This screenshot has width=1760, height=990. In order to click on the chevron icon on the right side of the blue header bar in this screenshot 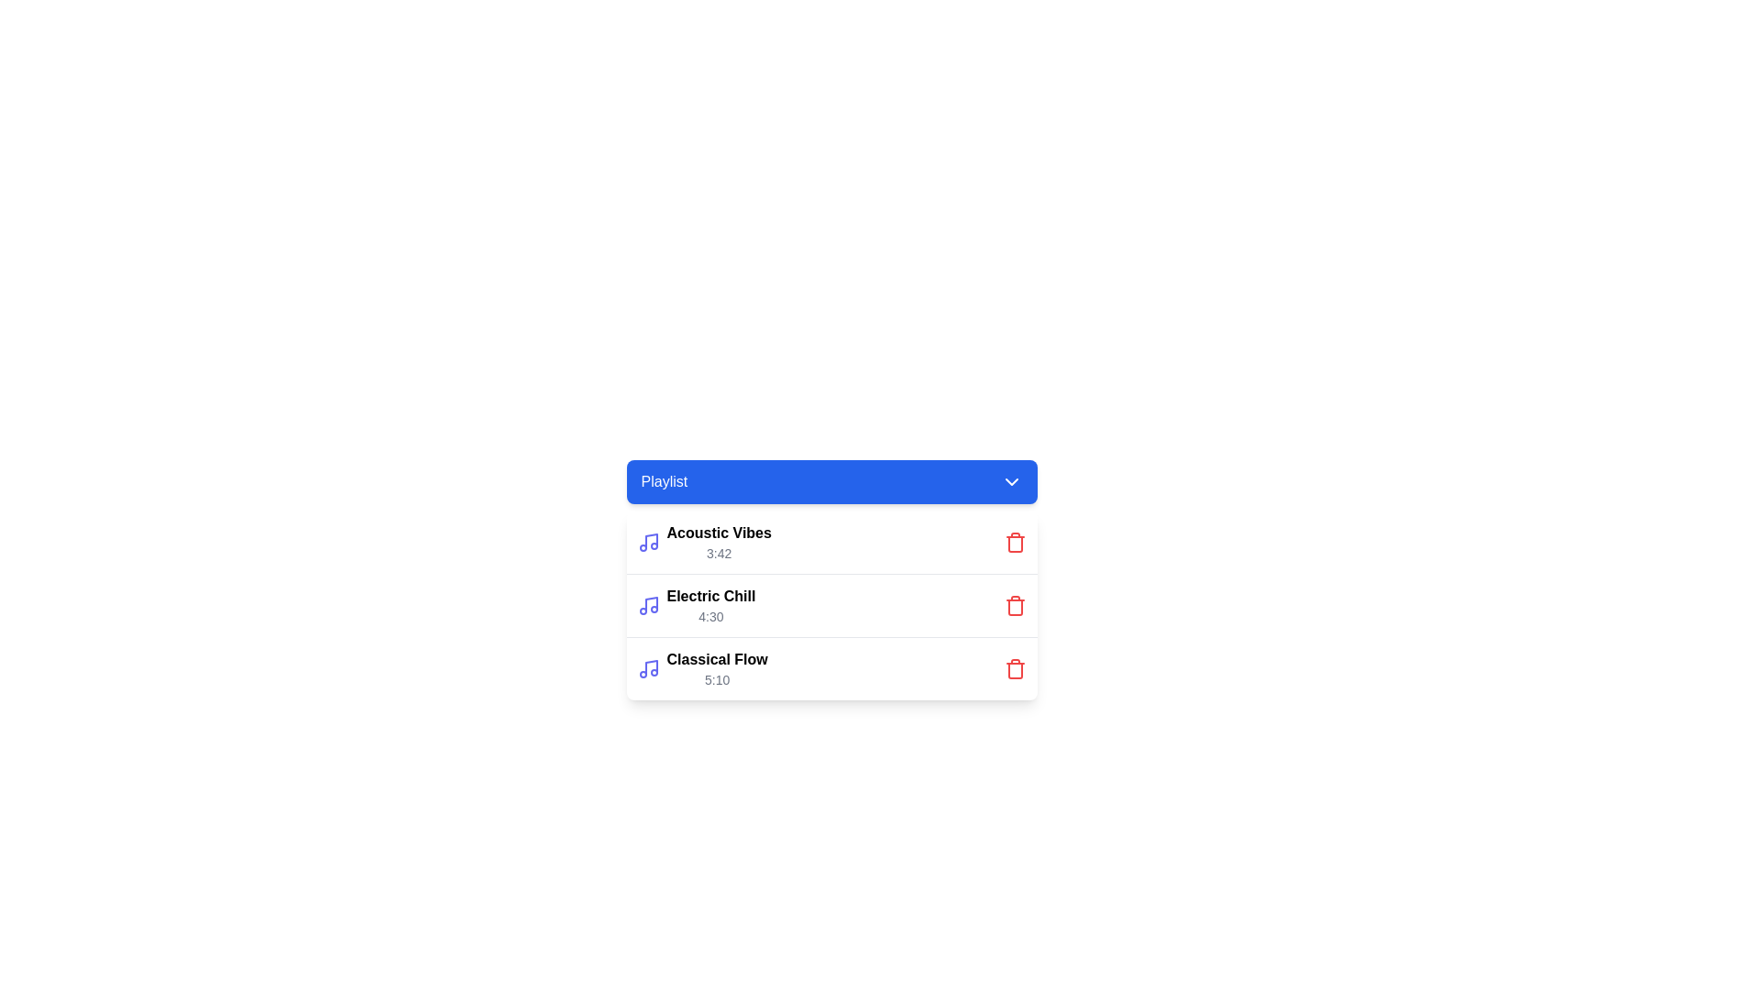, I will do `click(1010, 480)`.